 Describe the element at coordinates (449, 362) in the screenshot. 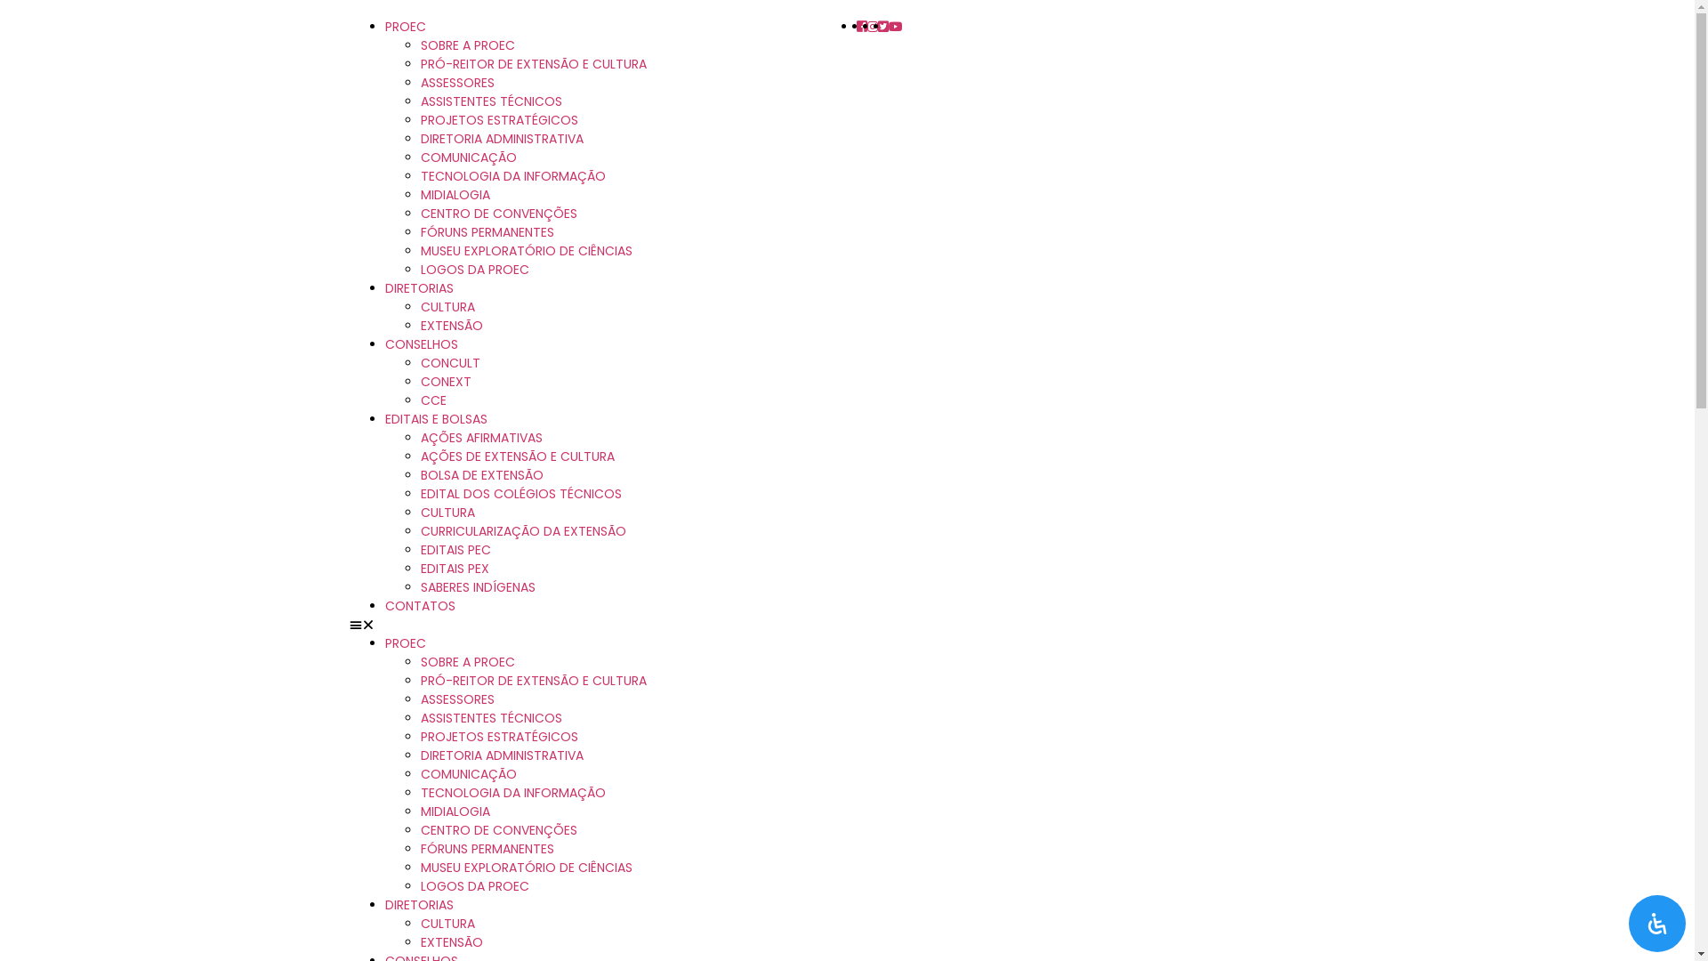

I see `'CONCULT'` at that location.